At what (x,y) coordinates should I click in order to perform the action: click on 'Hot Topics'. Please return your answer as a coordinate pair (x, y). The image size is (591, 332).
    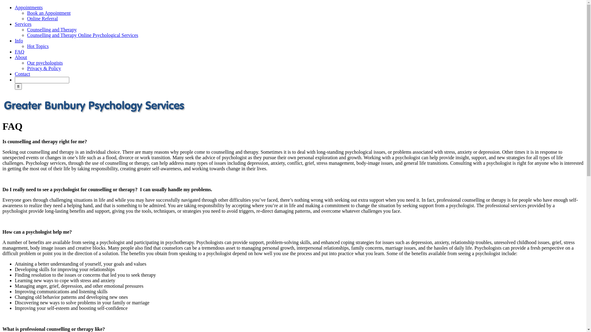
    Looking at the image, I should click on (38, 46).